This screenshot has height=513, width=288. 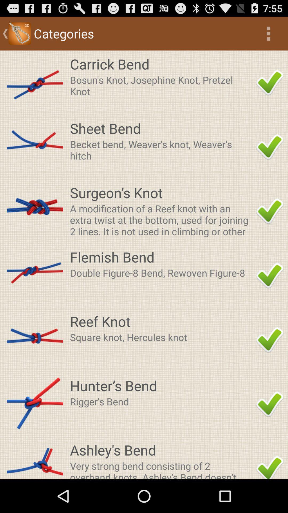 I want to click on flemish bend app, so click(x=161, y=257).